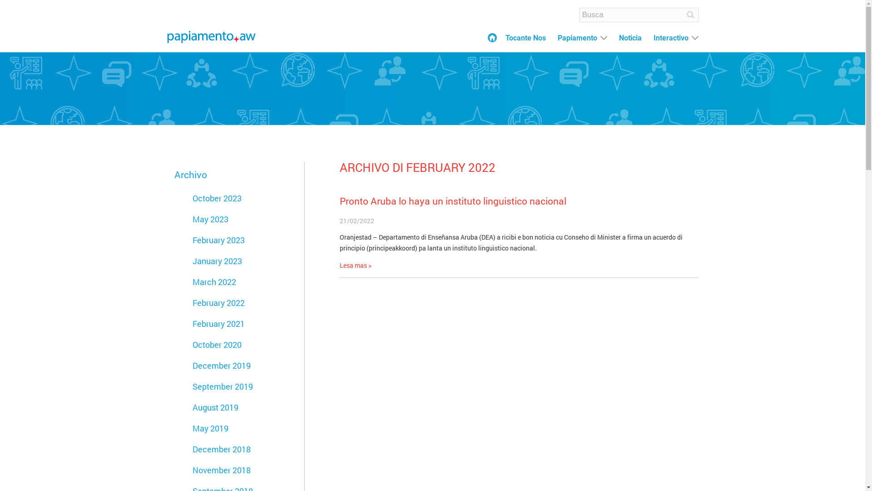 The width and height of the screenshot is (872, 491). I want to click on 'February 2023', so click(218, 240).